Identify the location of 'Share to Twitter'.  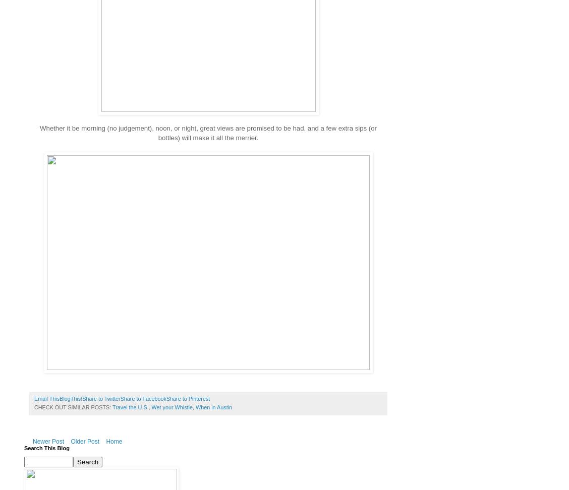
(100, 398).